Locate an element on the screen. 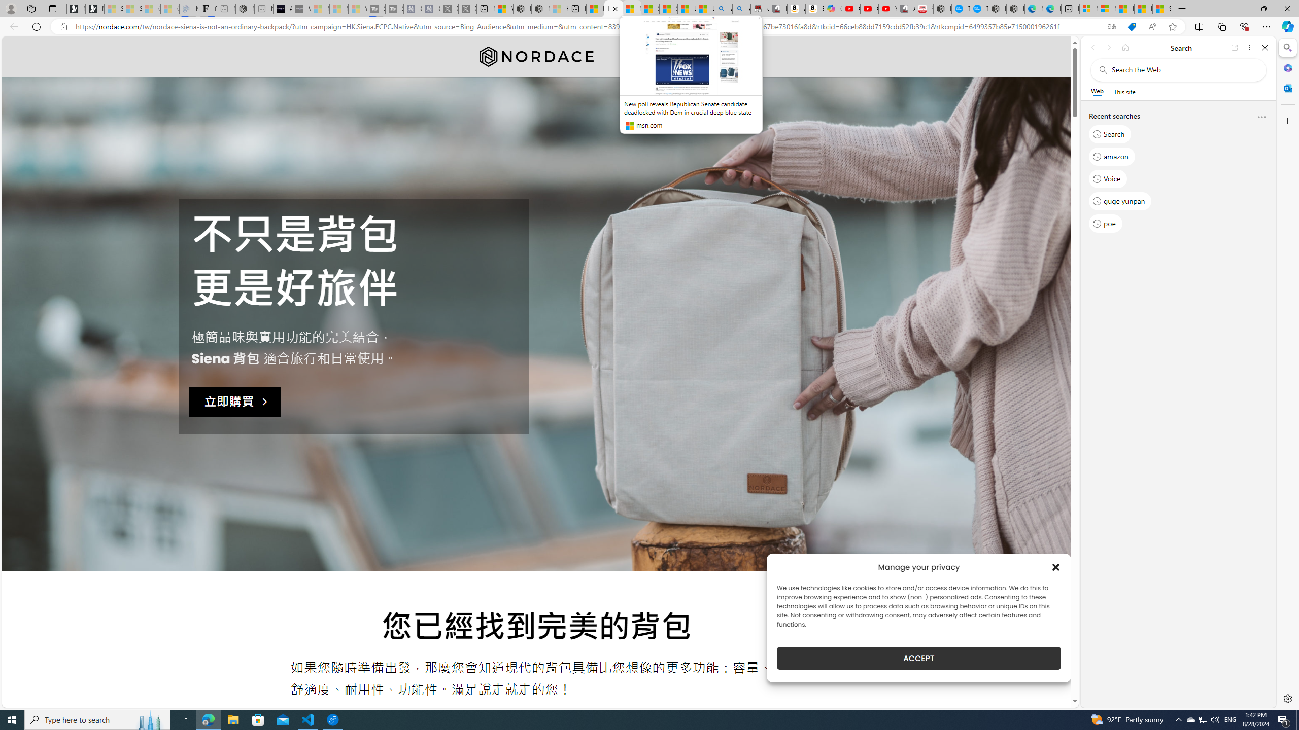  'Gloom - YouTube' is located at coordinates (869, 8).